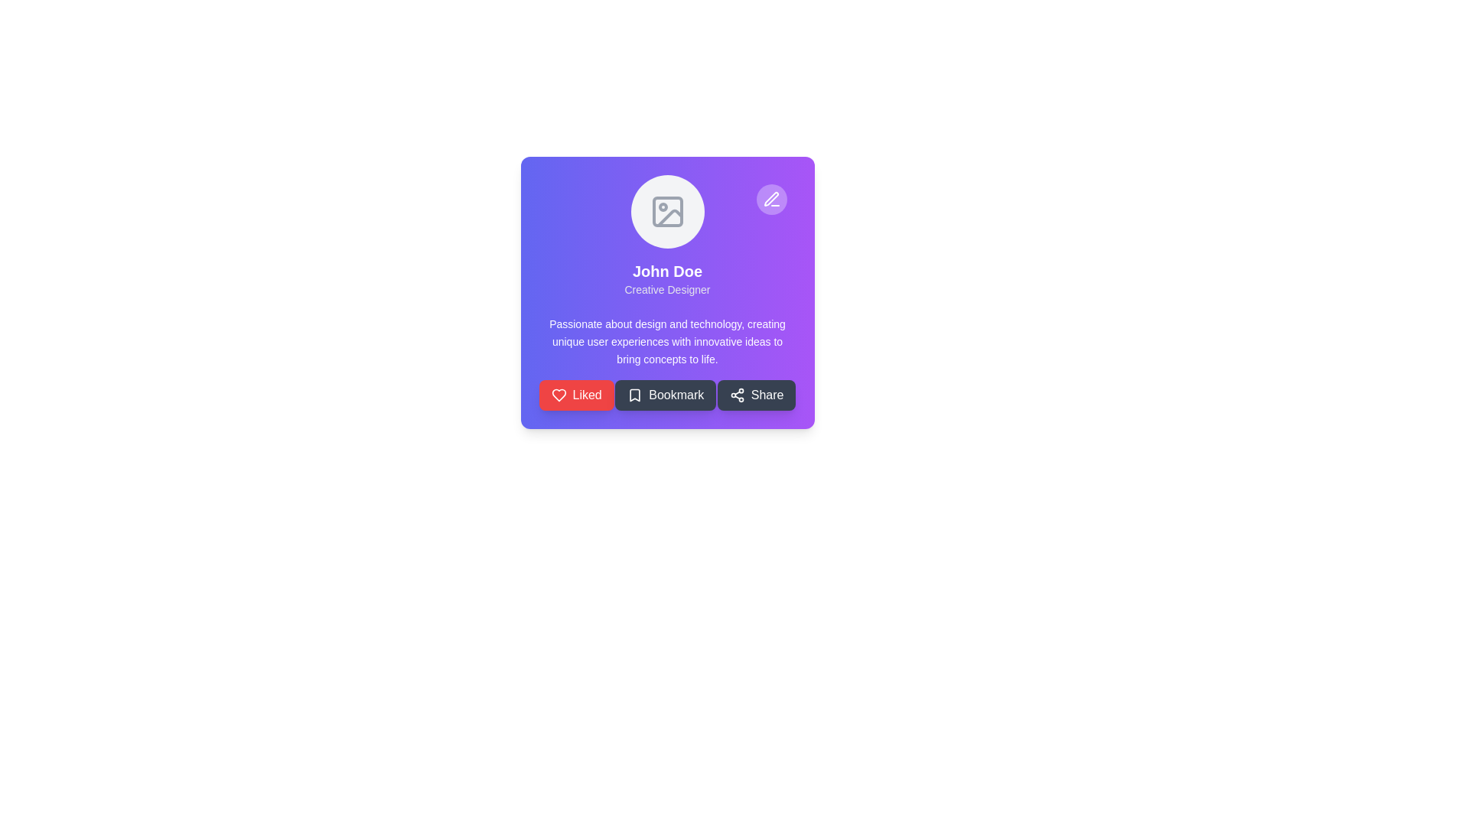  Describe the element at coordinates (737, 395) in the screenshot. I see `the share icon, which is represented by three connected circles forming a triangular arrangement, located to the left of the 'Share' text label on a gray rectangular button` at that location.